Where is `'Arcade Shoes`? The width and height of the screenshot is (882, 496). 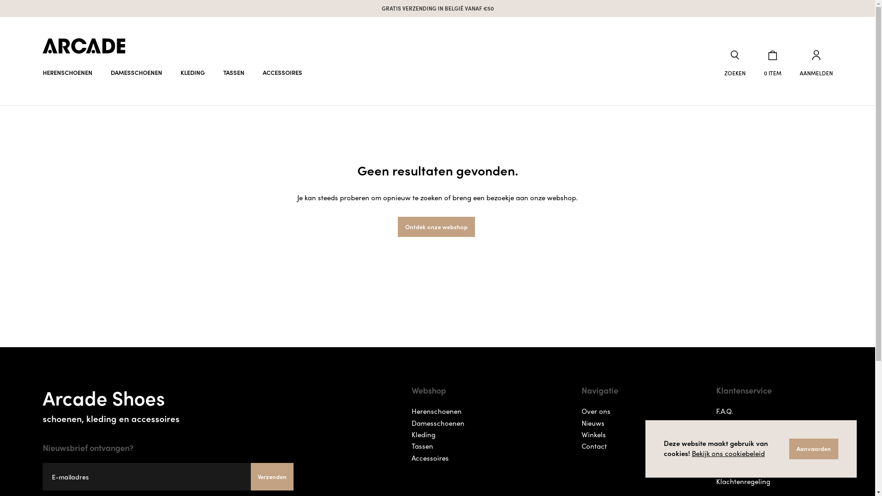 'Arcade Shoes is located at coordinates (168, 403).